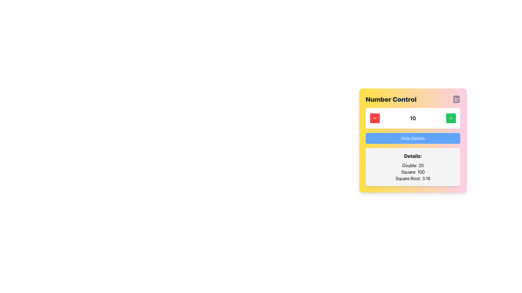  What do you see at coordinates (413, 138) in the screenshot?
I see `the rectangular button with a blue background and white text that reads 'Hide Details'` at bounding box center [413, 138].